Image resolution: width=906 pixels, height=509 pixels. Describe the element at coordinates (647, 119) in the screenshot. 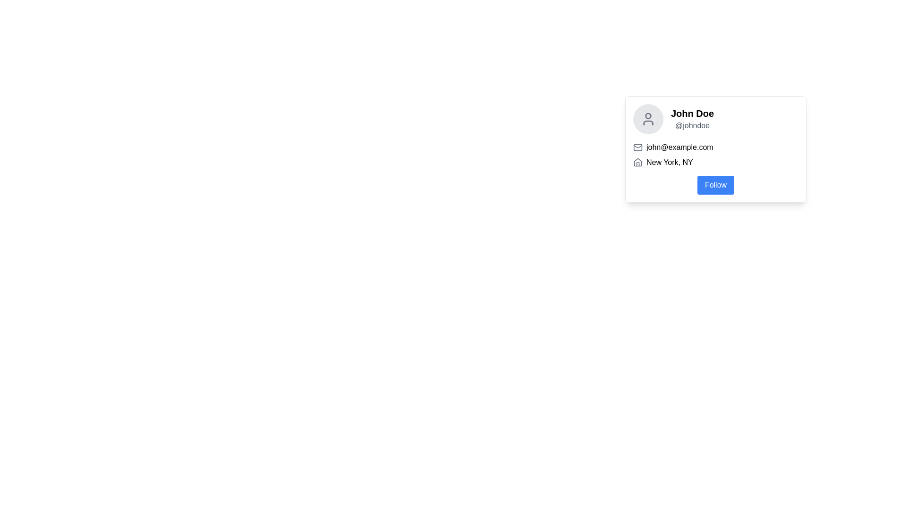

I see `the user profile icon located in the upper-left corner of the user details card` at that location.